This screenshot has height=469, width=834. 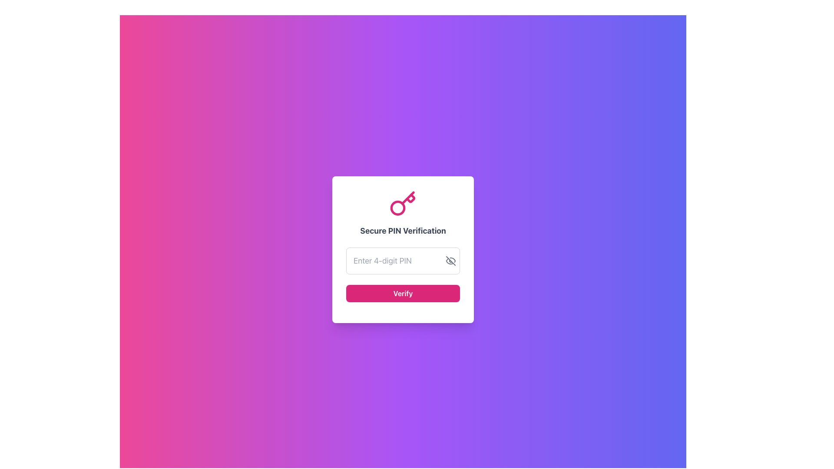 I want to click on the button located to the right of the 'Enter 4-digit PIN' text input field, so click(x=450, y=261).